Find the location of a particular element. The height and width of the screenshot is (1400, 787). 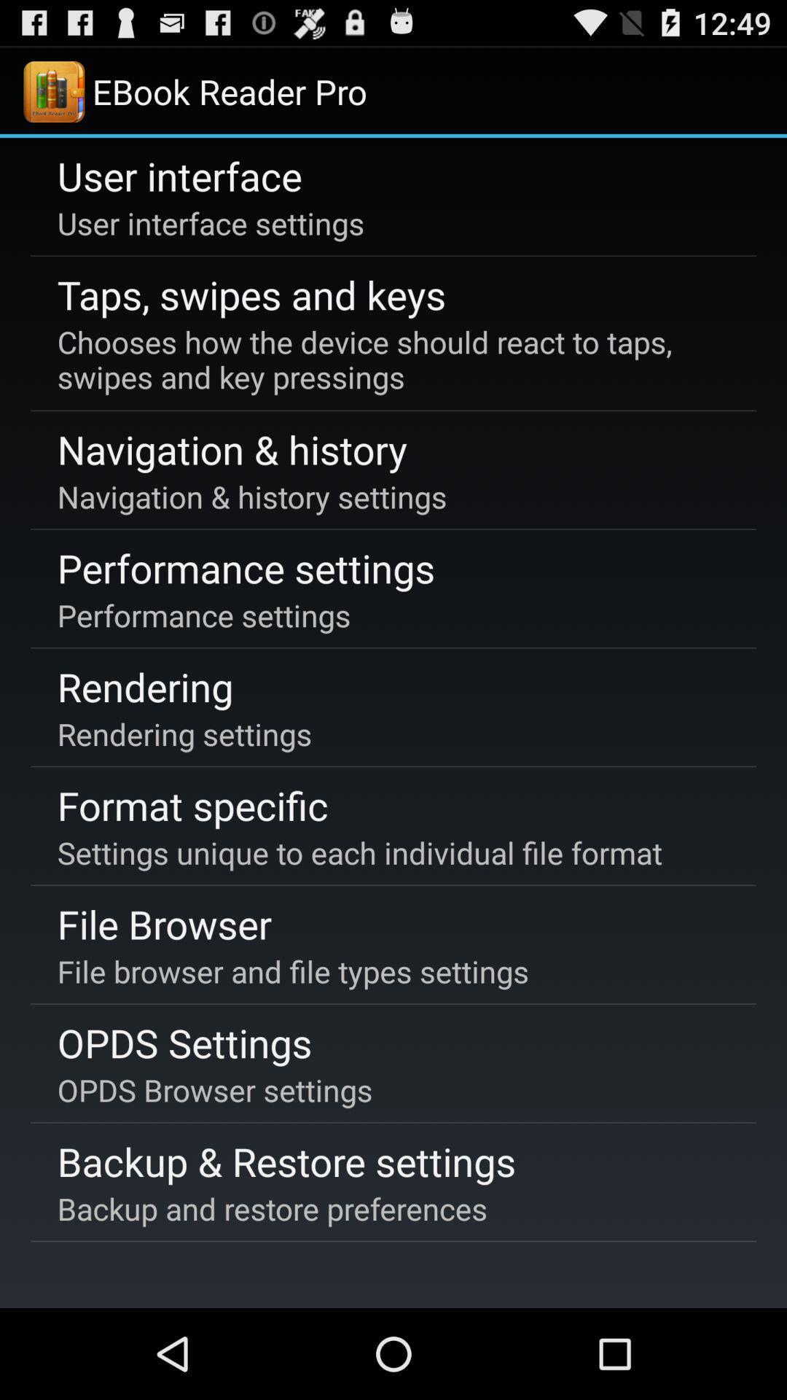

the settings unique to is located at coordinates (359, 852).